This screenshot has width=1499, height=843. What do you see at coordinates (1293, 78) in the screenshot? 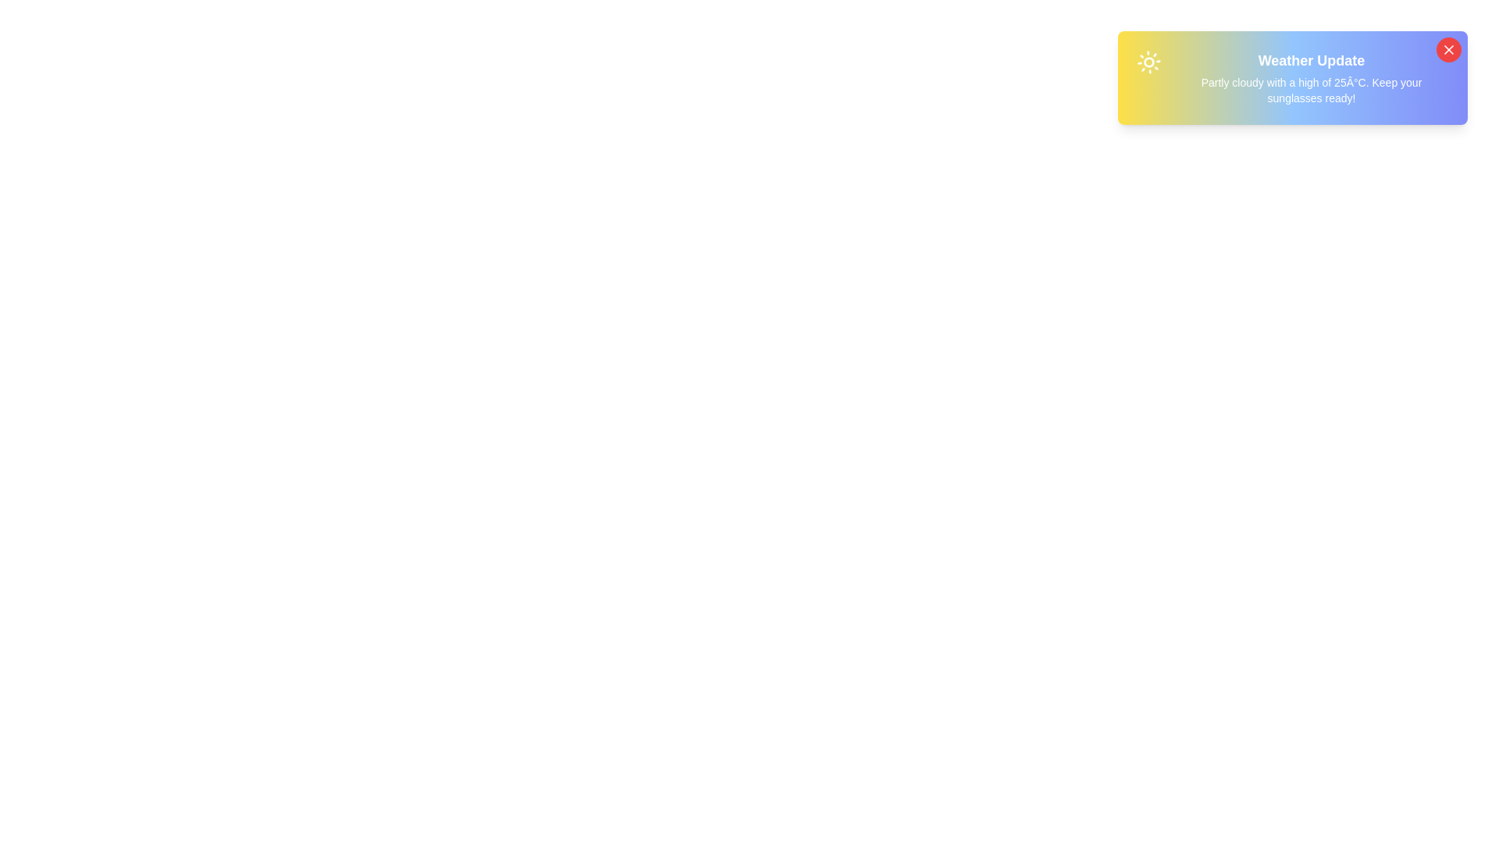
I see `the notification area to focus on it` at bounding box center [1293, 78].